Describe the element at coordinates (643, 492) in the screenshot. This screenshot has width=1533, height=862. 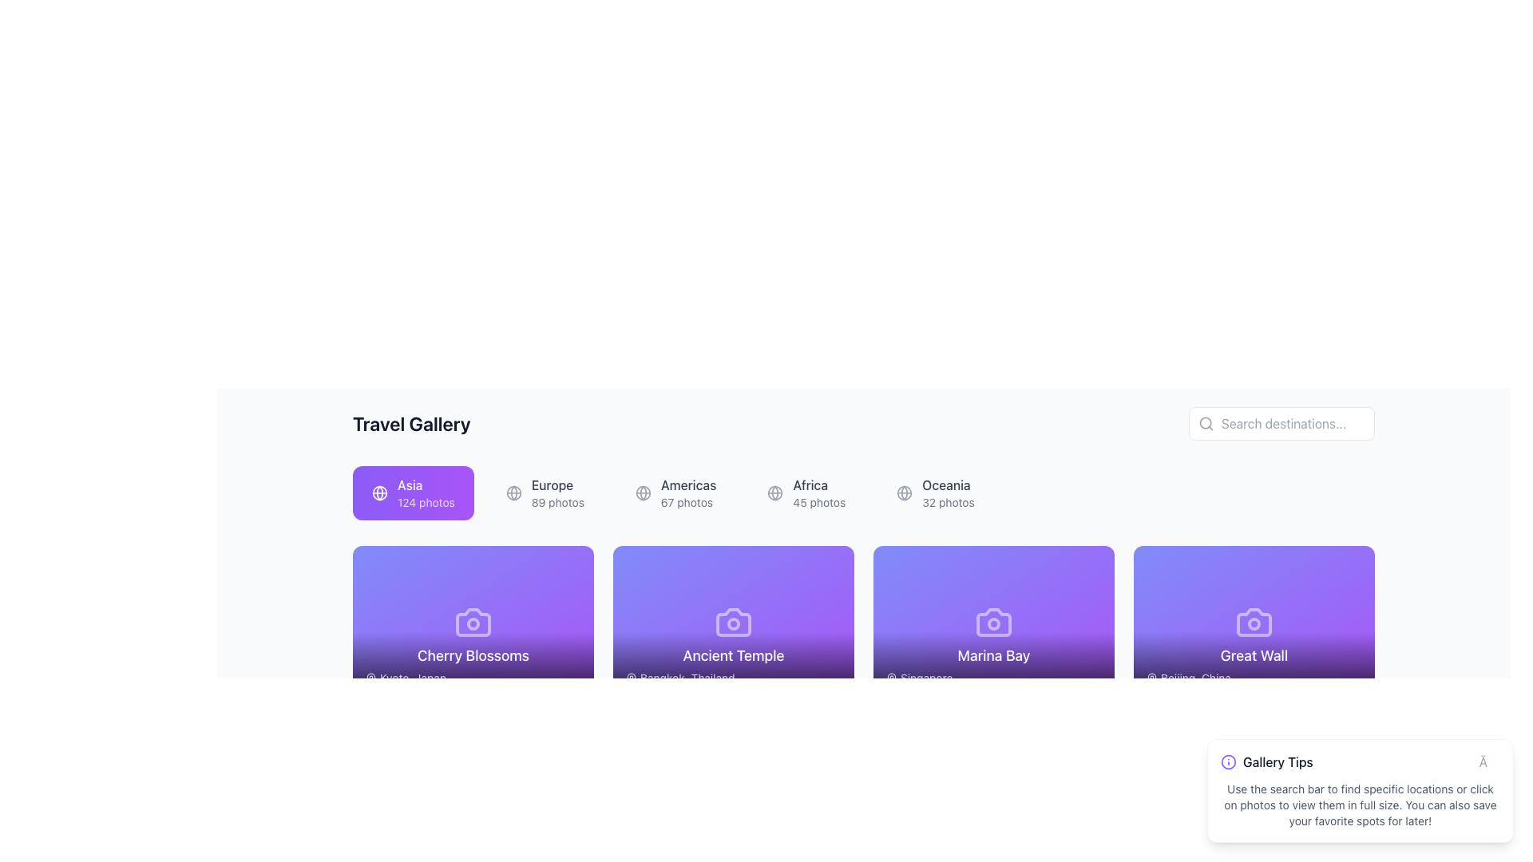
I see `the icon representing the category 'Americas'` at that location.